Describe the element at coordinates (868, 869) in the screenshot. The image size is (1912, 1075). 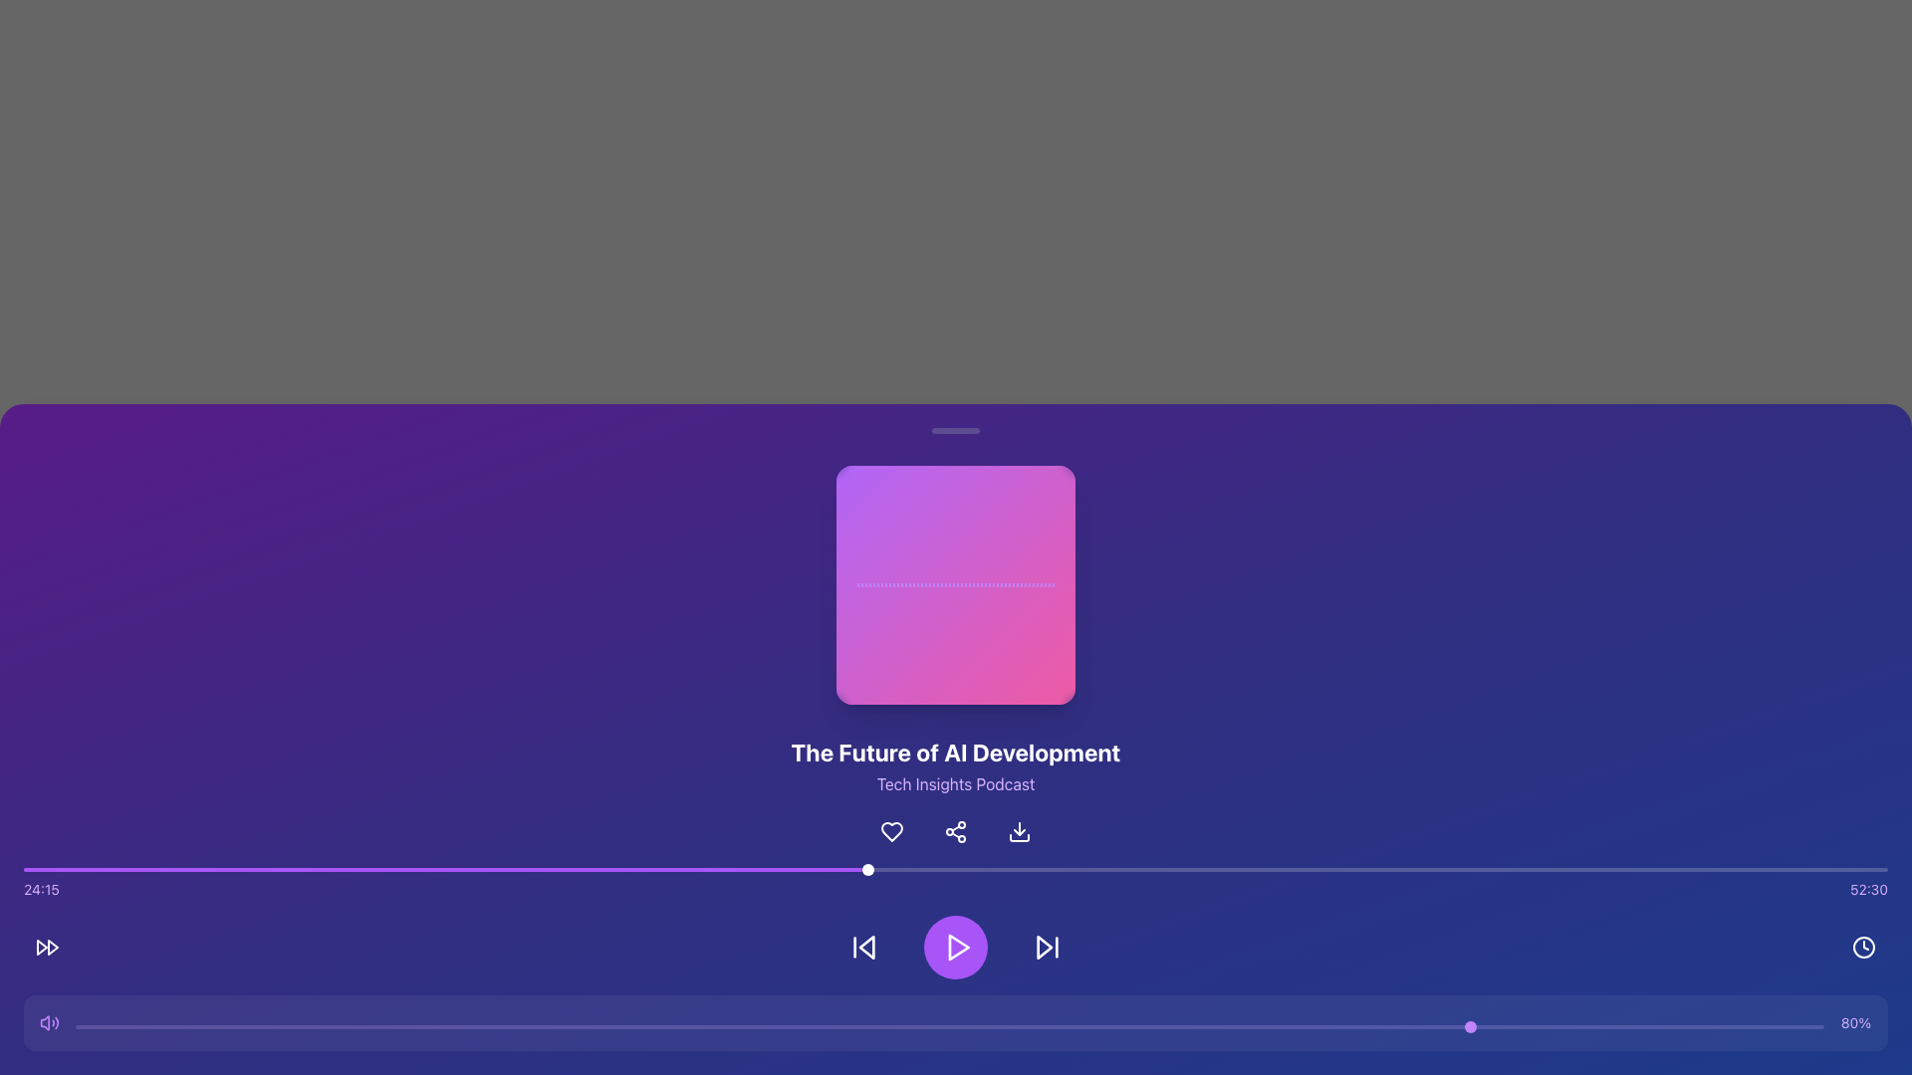
I see `on the small white circular slider knob located approximately 45% from the left on the horizontal slider track, which is situated towards the bottom center of the interface, above the audio playback controls` at that location.